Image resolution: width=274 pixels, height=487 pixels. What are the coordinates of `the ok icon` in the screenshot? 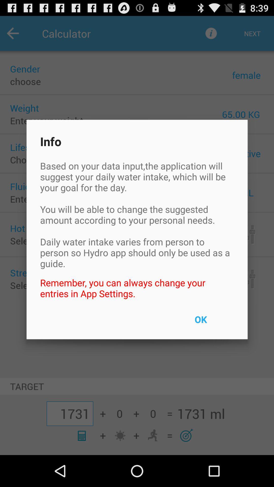 It's located at (212, 322).